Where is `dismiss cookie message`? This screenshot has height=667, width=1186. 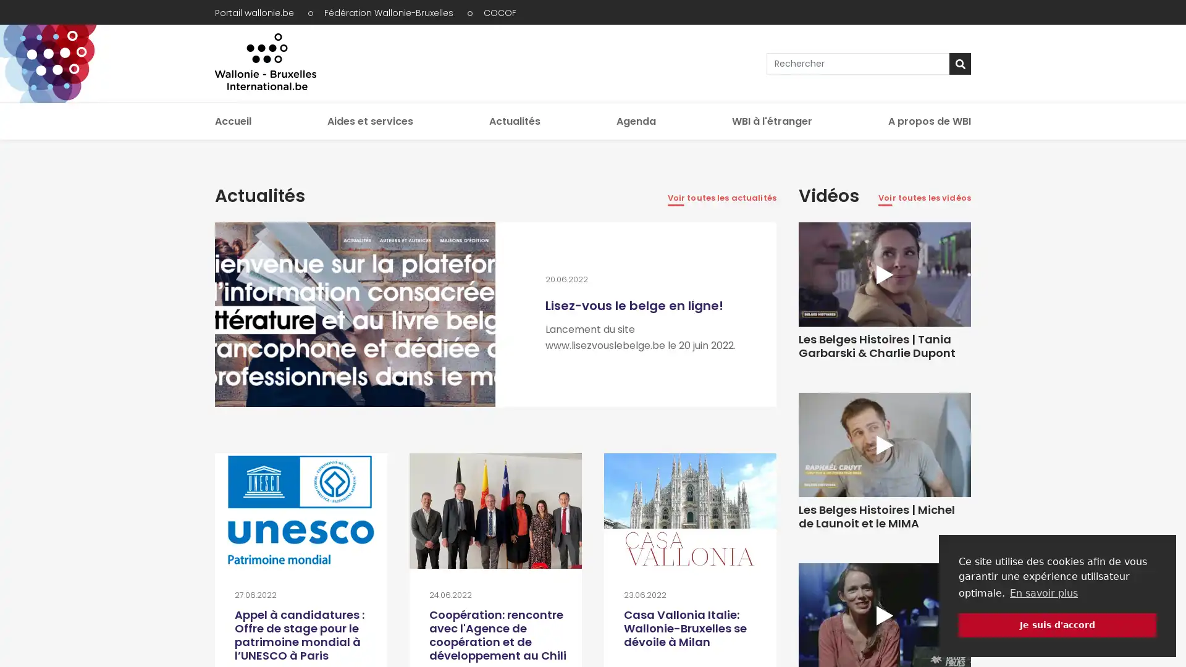
dismiss cookie message is located at coordinates (1057, 624).